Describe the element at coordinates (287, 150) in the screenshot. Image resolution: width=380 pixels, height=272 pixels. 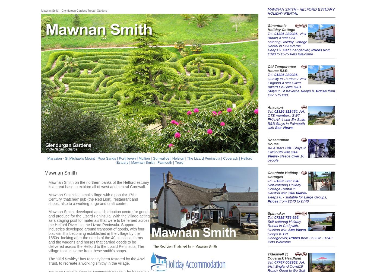
I see `'B&B Stays 

in Falmouth
with'` at that location.